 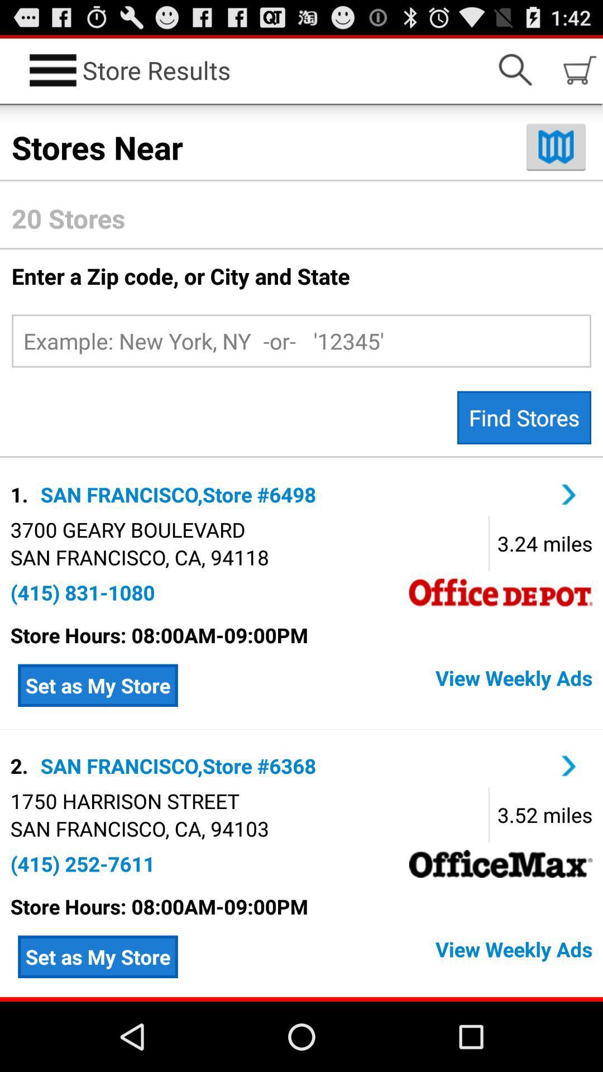 I want to click on page, so click(x=569, y=494).